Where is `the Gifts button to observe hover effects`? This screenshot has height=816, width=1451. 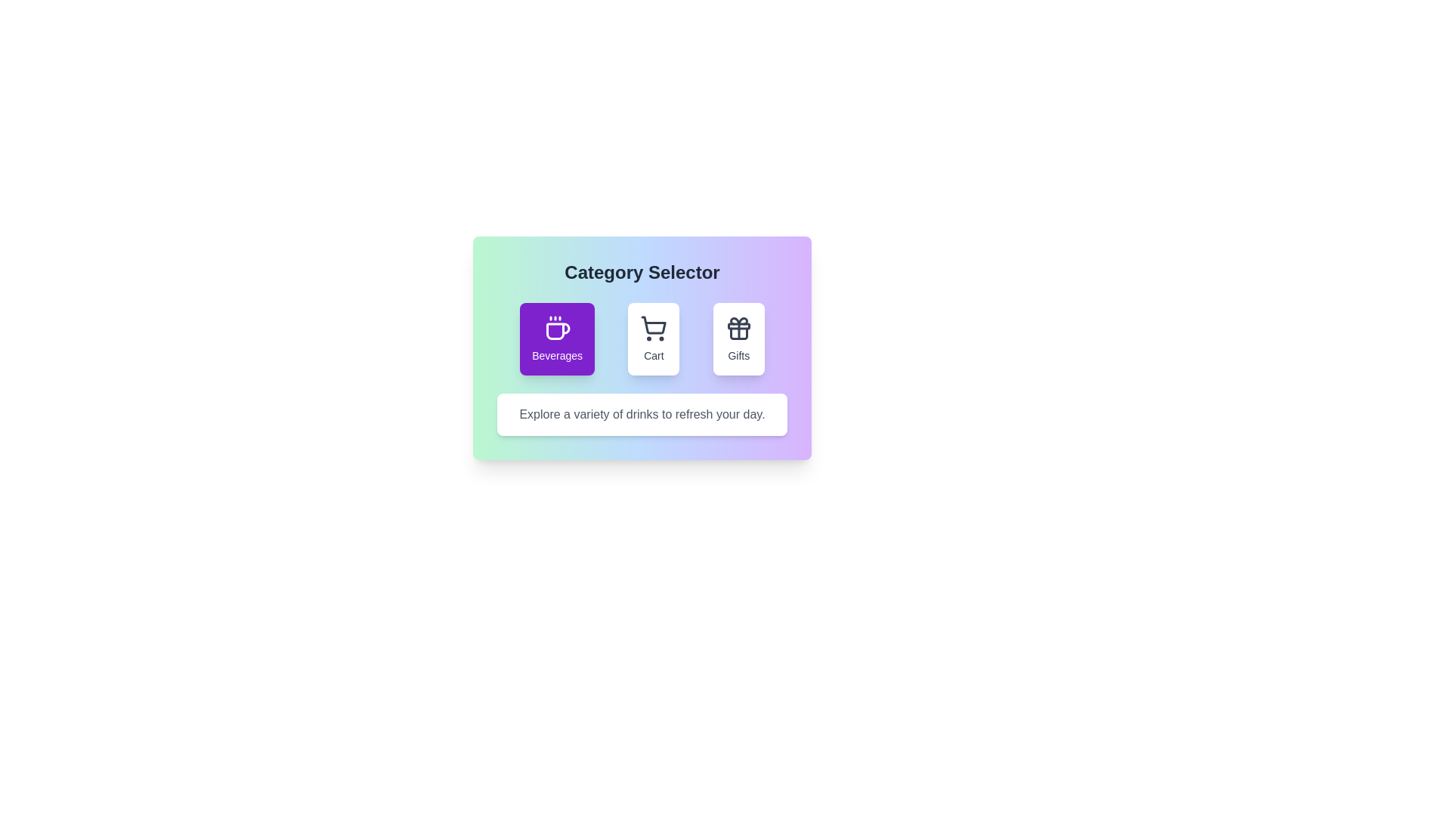
the Gifts button to observe hover effects is located at coordinates (738, 338).